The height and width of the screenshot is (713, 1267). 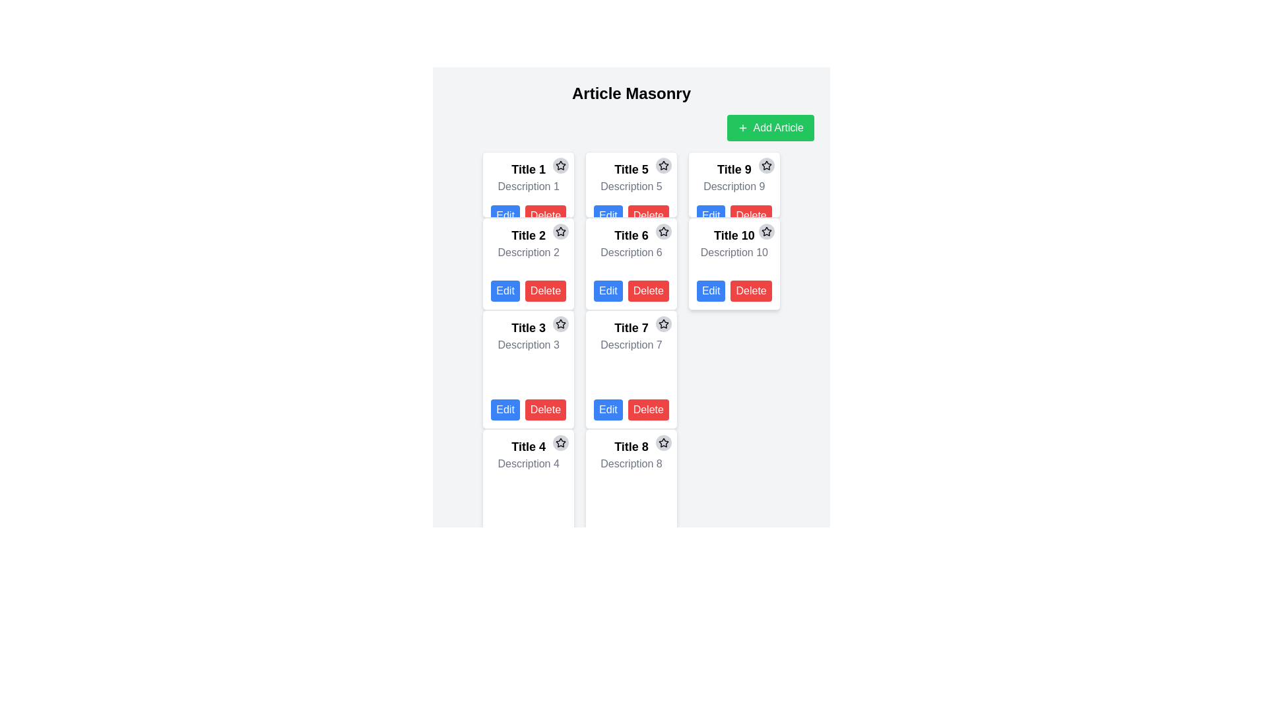 What do you see at coordinates (733, 215) in the screenshot?
I see `the Delete button in the interactive buttons group within the card for 'Title 9'` at bounding box center [733, 215].